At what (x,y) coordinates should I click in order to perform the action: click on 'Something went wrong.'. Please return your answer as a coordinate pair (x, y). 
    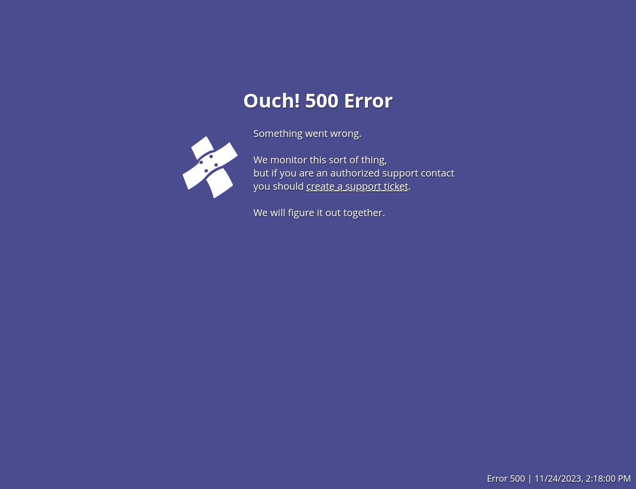
    Looking at the image, I should click on (307, 133).